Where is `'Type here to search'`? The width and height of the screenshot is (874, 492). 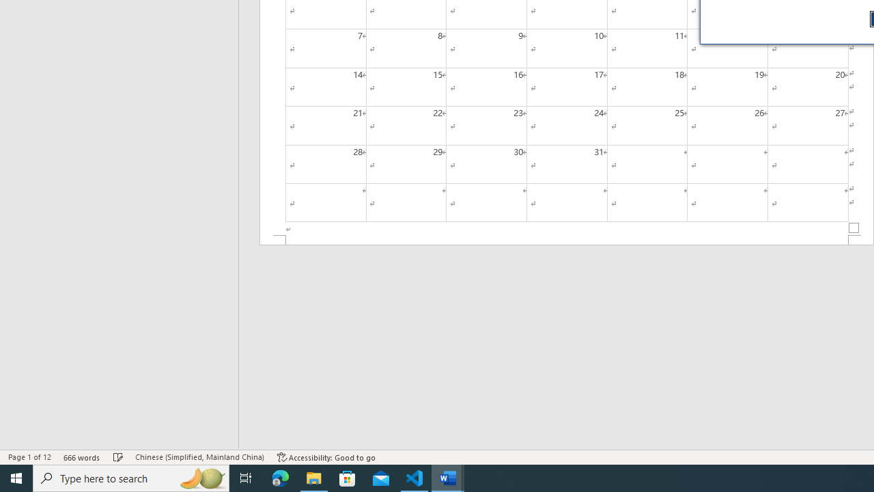 'Type here to search' is located at coordinates (131, 477).